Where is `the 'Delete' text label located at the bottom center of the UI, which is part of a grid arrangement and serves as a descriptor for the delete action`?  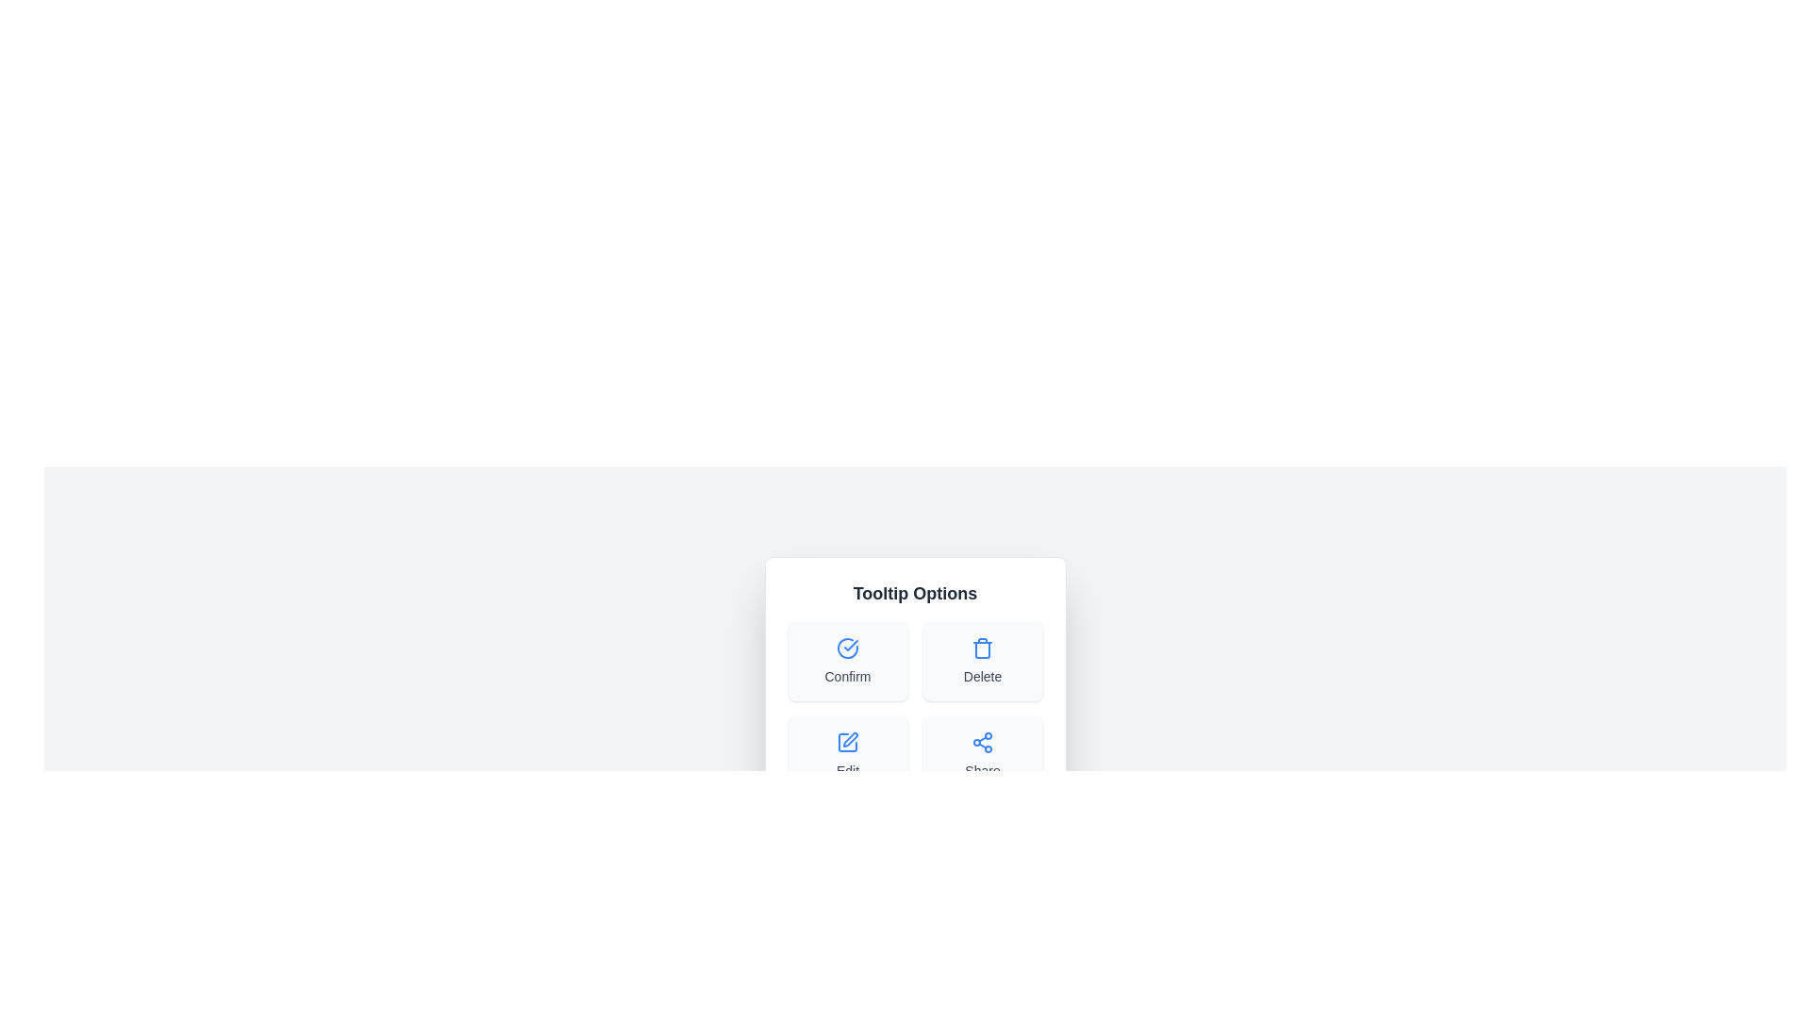 the 'Delete' text label located at the bottom center of the UI, which is part of a grid arrangement and serves as a descriptor for the delete action is located at coordinates (981, 675).